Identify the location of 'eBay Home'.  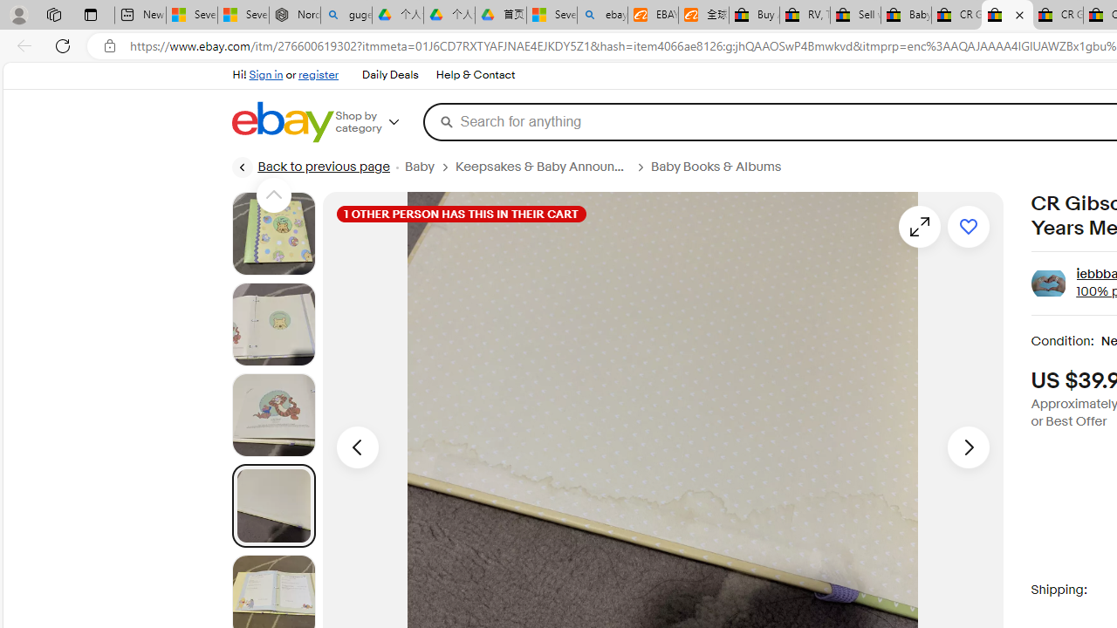
(282, 121).